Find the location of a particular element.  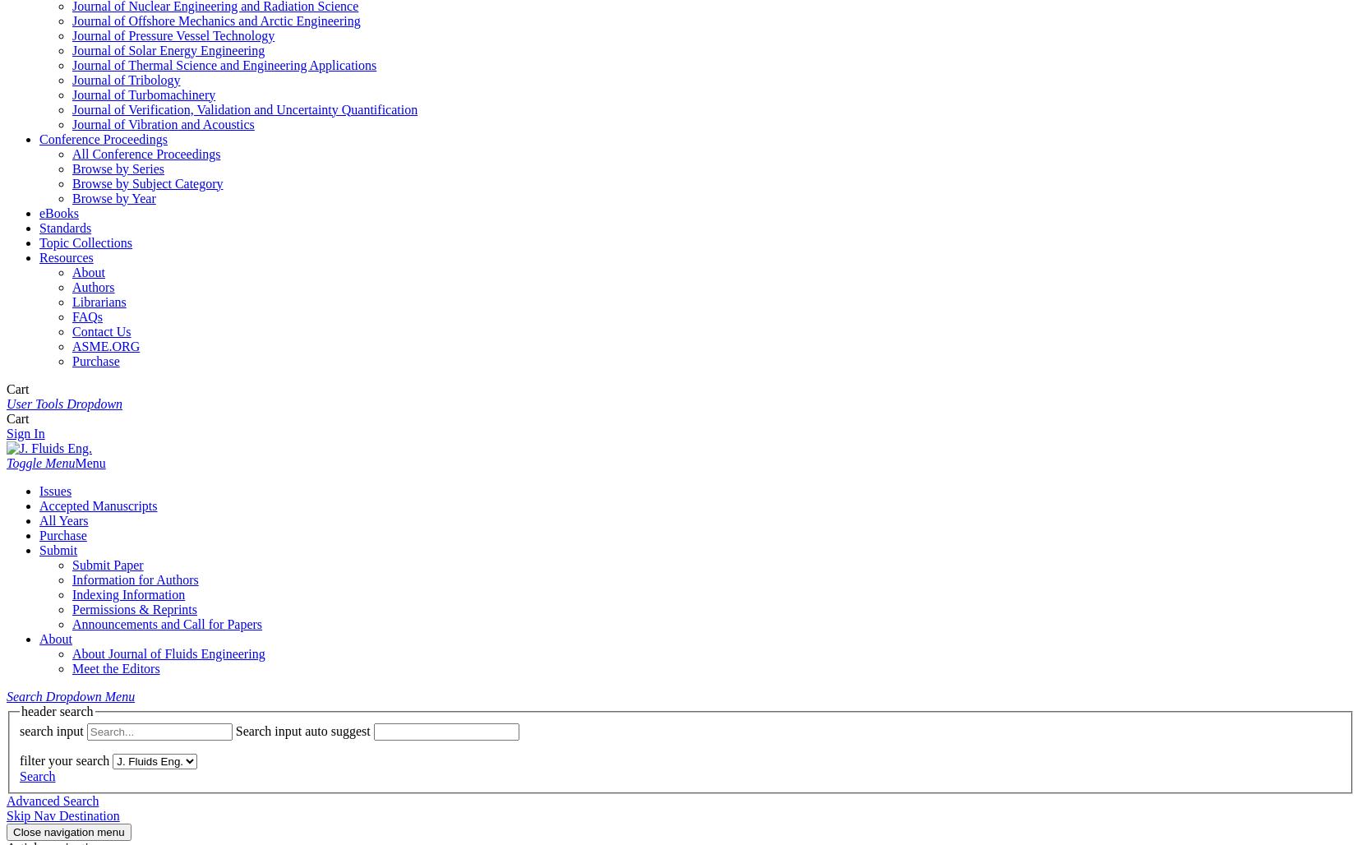

'Journal of Offshore Mechanics and Arctic Engineering' is located at coordinates (215, 20).